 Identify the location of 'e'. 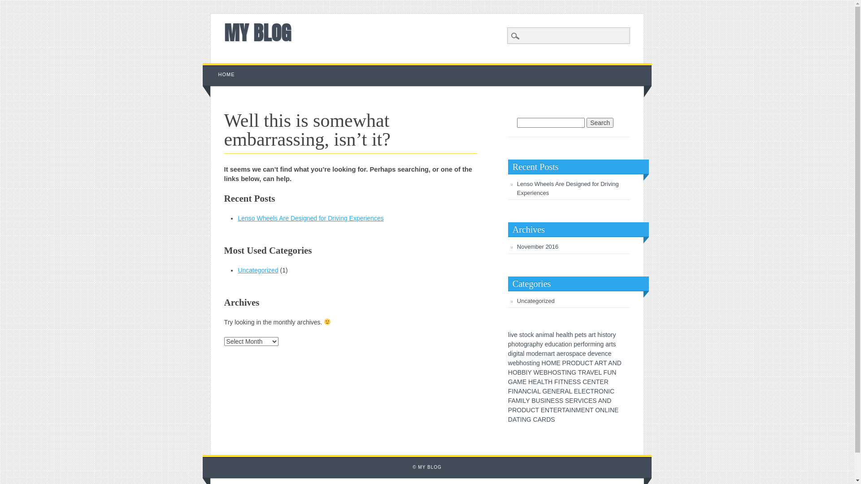
(609, 353).